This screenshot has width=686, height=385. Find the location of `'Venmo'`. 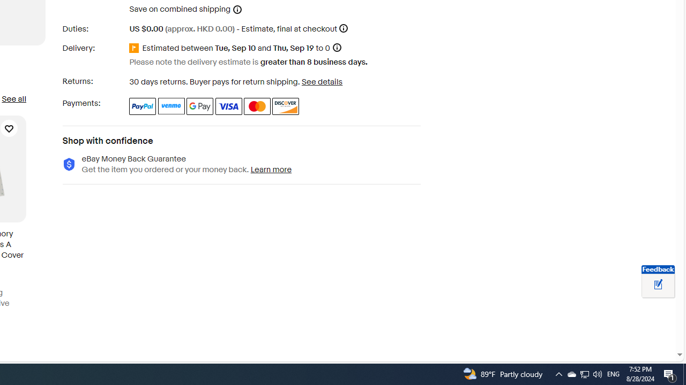

'Venmo' is located at coordinates (171, 106).